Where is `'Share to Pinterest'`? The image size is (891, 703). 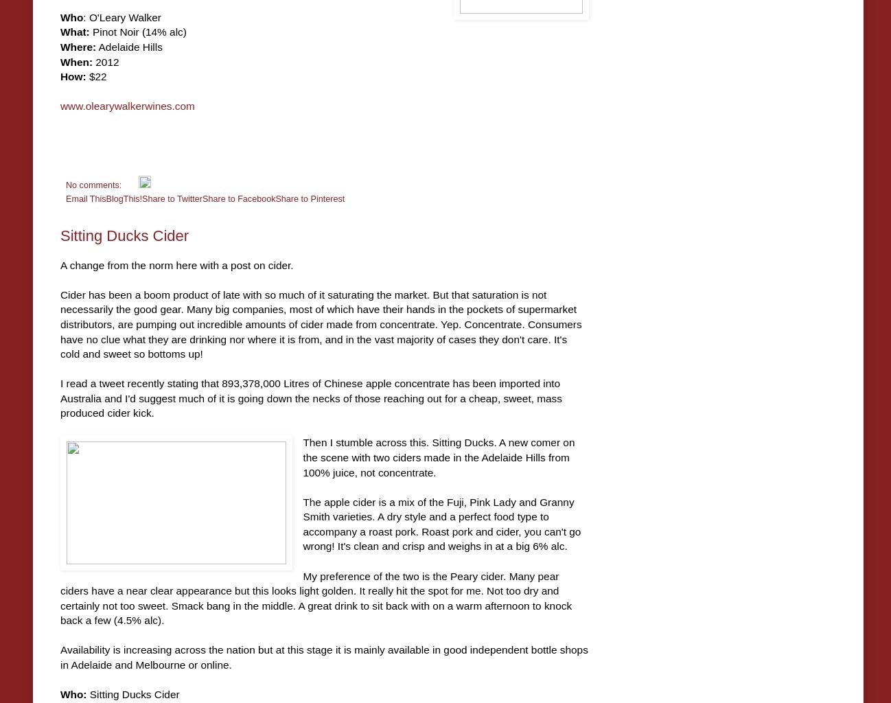 'Share to Pinterest' is located at coordinates (309, 198).